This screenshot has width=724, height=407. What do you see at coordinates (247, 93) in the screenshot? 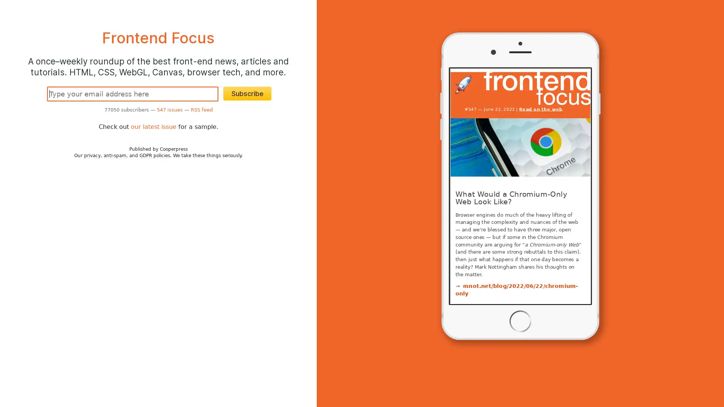
I see `Subscribe` at bounding box center [247, 93].